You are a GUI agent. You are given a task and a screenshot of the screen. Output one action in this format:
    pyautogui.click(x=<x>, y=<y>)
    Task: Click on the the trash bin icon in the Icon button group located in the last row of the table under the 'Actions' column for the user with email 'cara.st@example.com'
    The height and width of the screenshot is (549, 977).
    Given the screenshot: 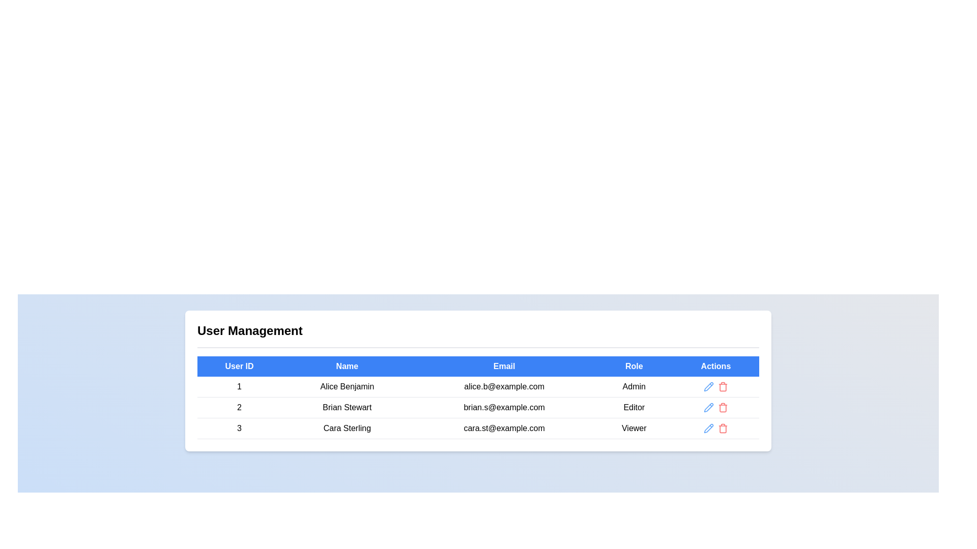 What is the action you would take?
    pyautogui.click(x=715, y=429)
    